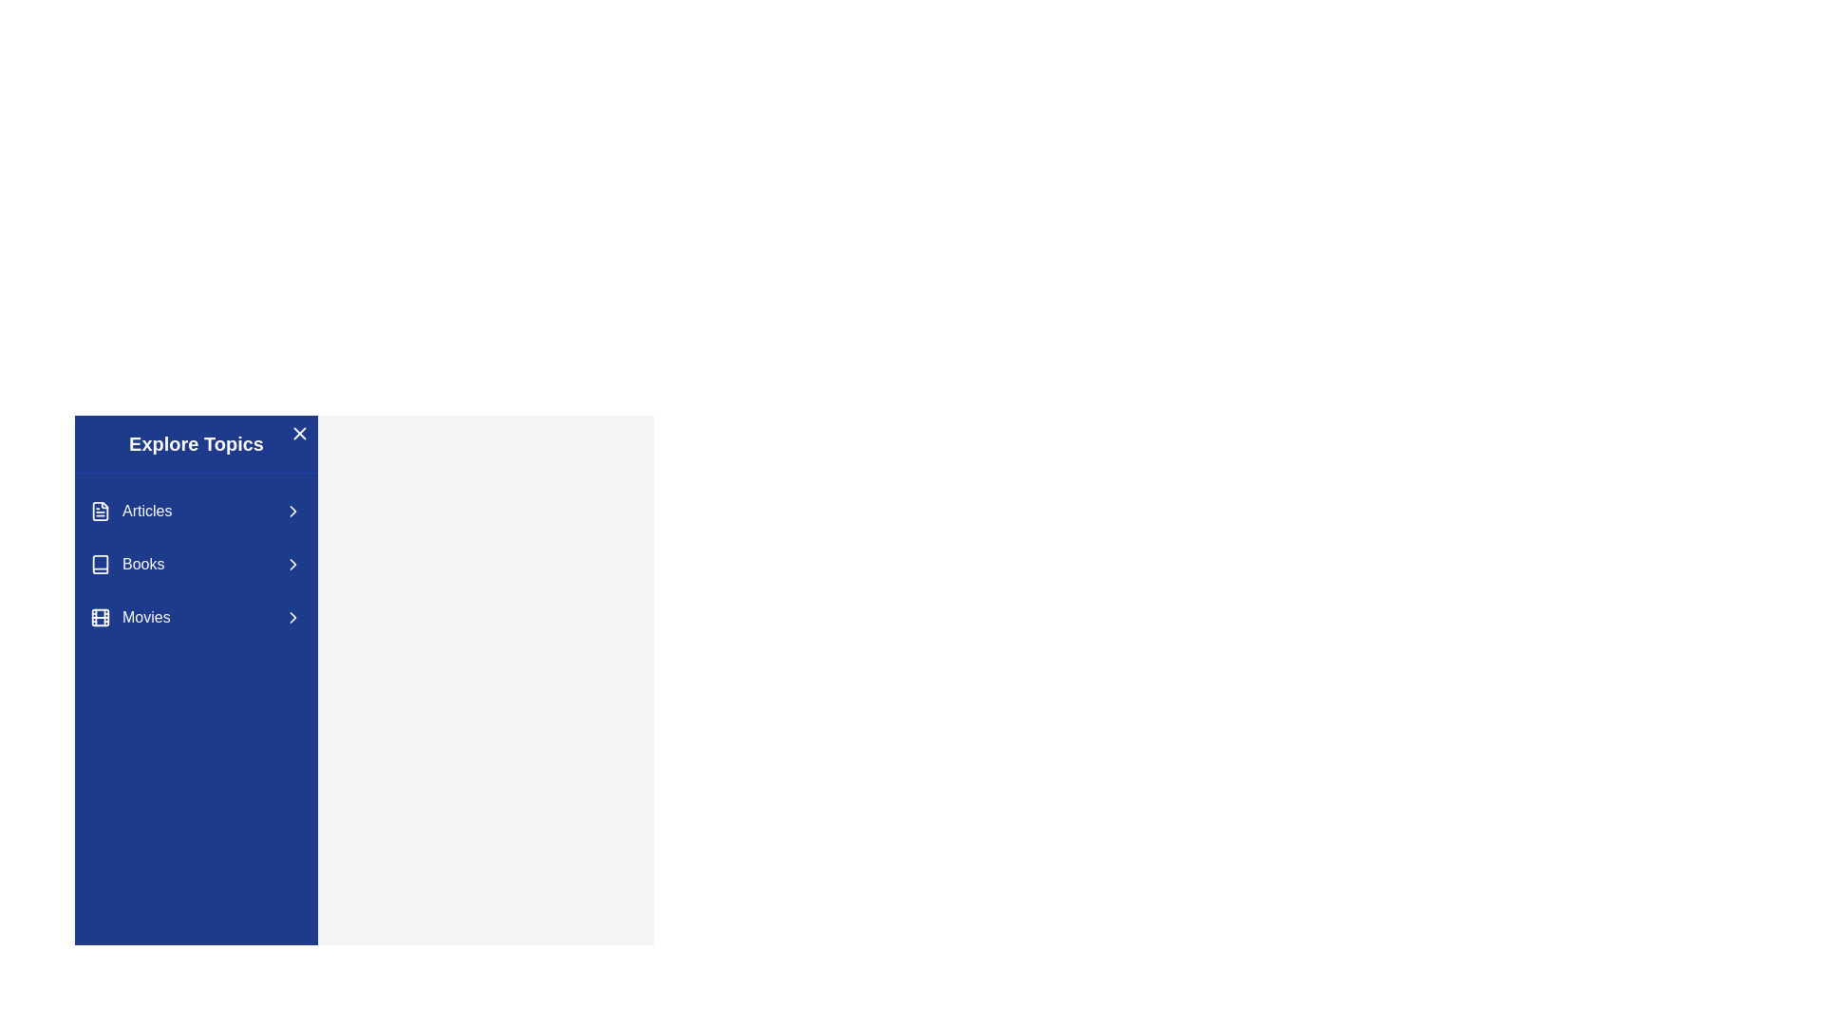 The width and height of the screenshot is (1823, 1025). I want to click on the icon associated with the 'Articles' menu item, which is located at the top left corner of the menu item, so click(99, 511).